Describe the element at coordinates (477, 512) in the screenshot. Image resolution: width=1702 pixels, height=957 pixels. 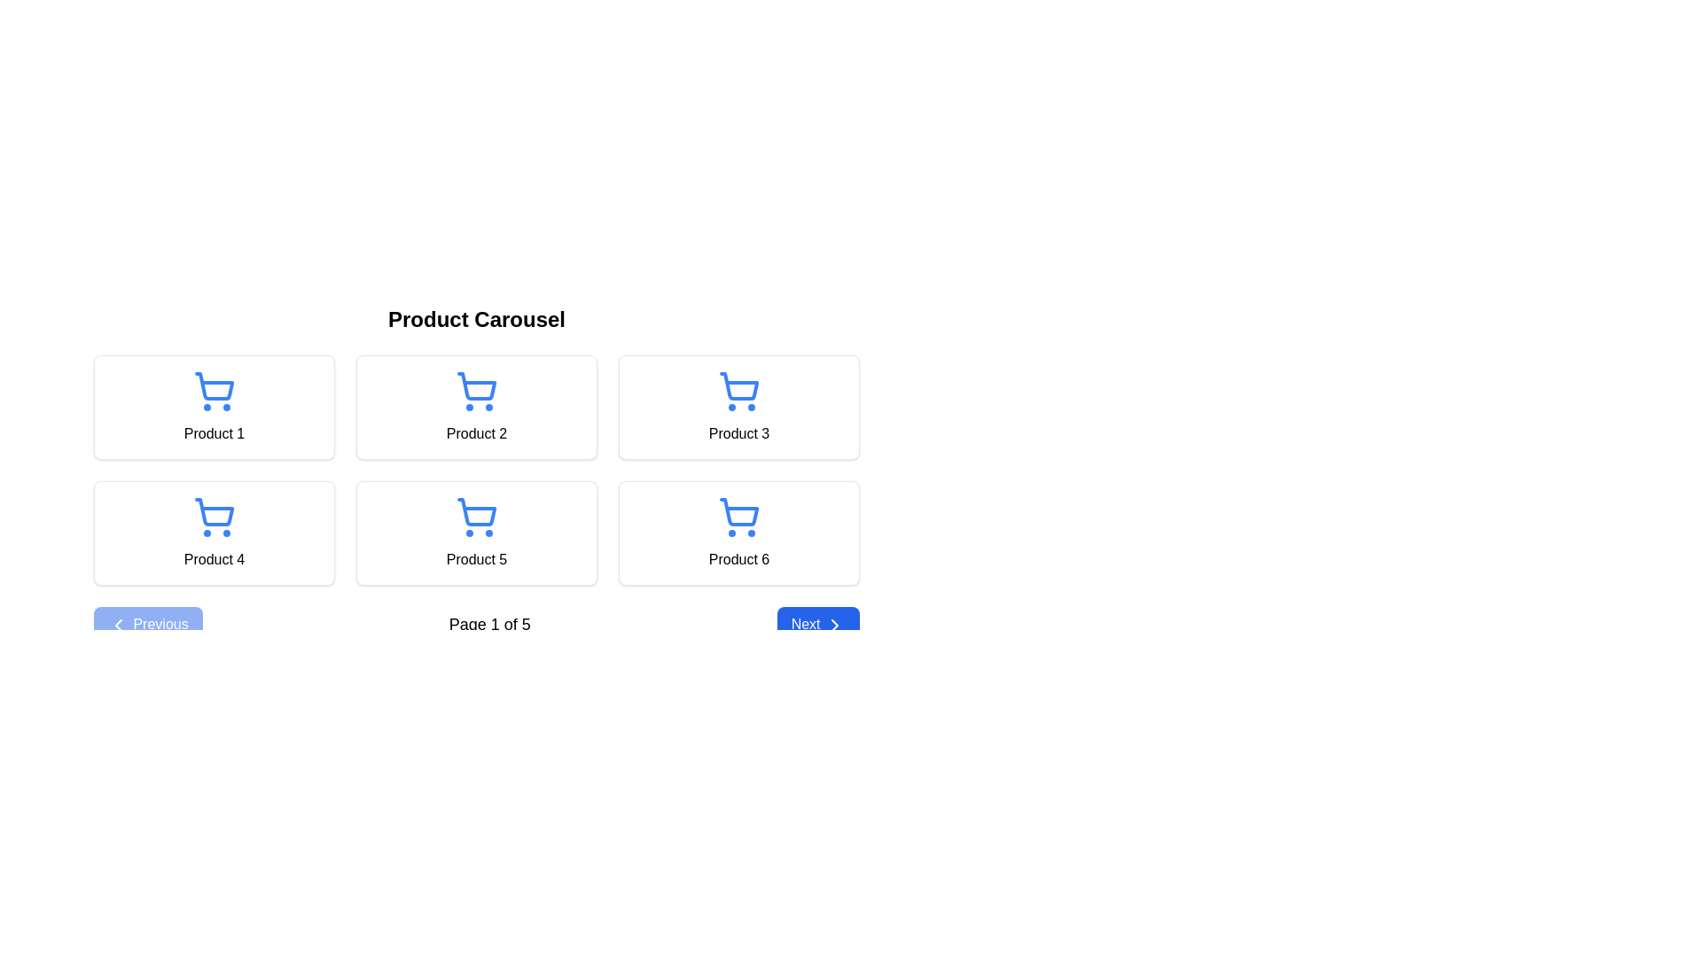
I see `the shopping cart icon represented by a blue outline, located in the bottom row, middle column of the product grid for 'Product 5'` at that location.